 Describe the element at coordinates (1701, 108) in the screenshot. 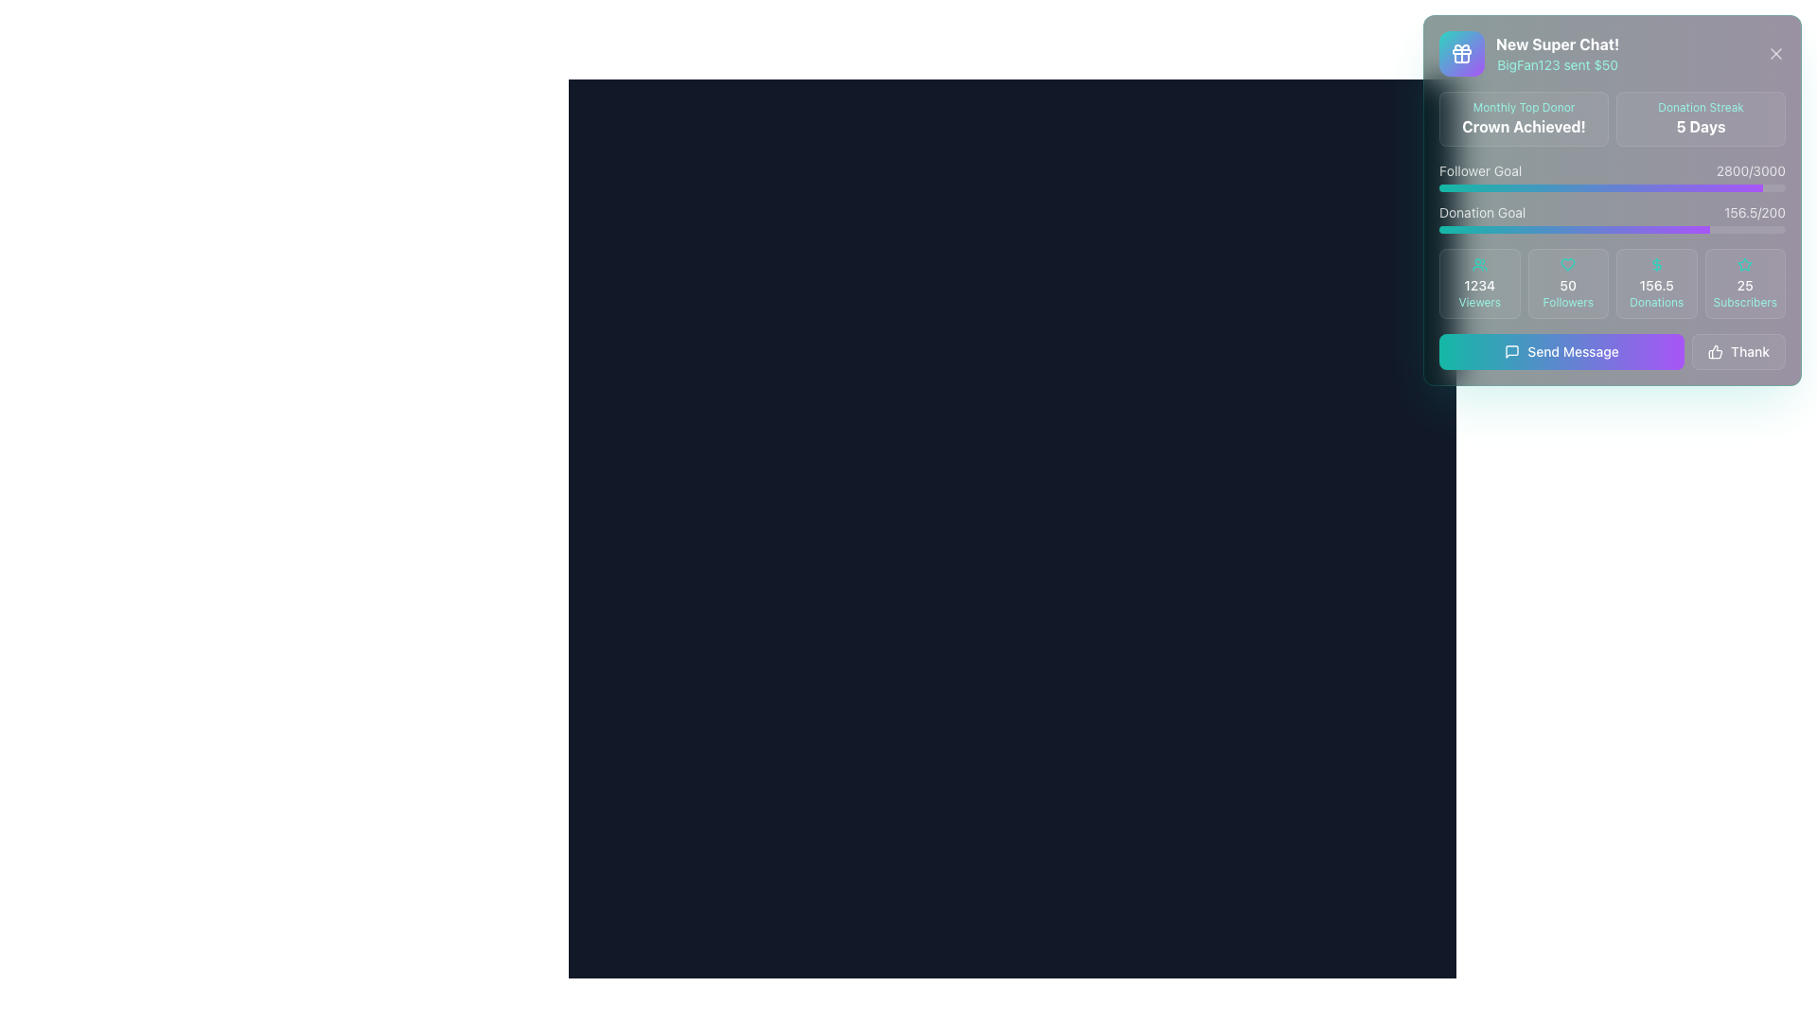

I see `the static text label that describes the nature of the consecutive days or counts related to donations, positioned above the '5 Days' text` at that location.